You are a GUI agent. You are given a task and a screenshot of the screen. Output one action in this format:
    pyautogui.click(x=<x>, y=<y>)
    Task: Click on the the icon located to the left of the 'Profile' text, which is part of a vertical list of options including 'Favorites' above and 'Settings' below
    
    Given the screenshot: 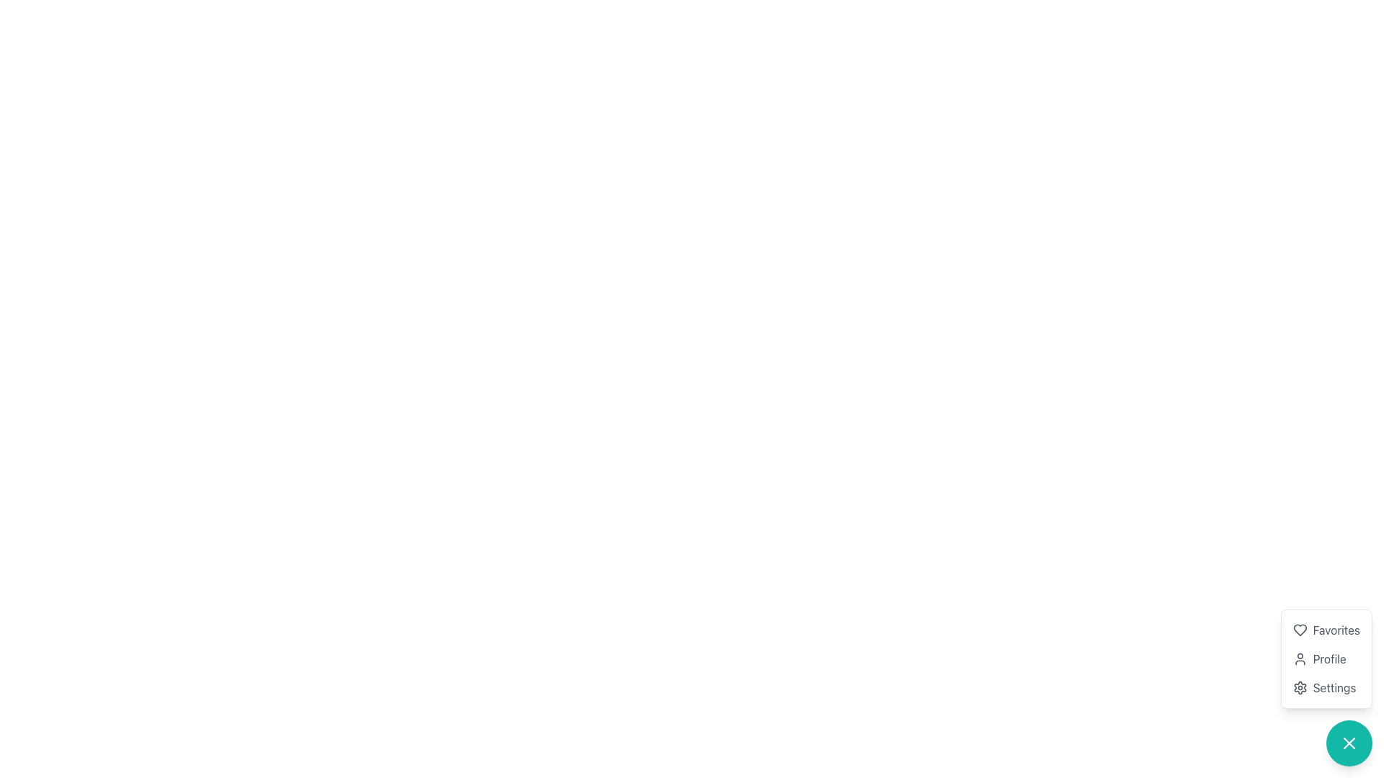 What is the action you would take?
    pyautogui.click(x=1300, y=658)
    